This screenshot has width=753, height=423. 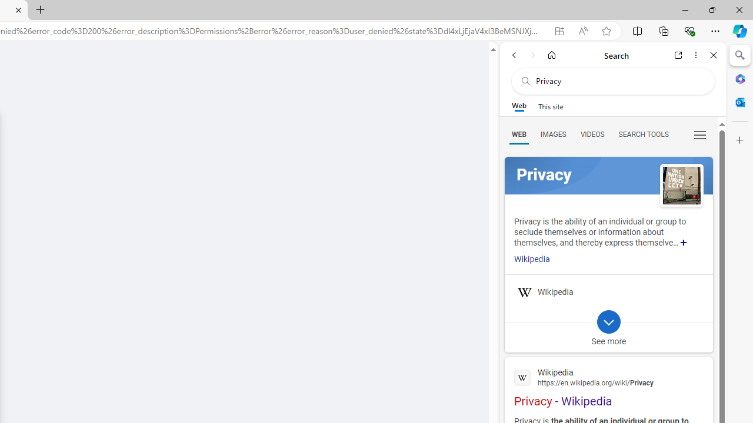 I want to click on 'See more images of Privacy', so click(x=681, y=186).